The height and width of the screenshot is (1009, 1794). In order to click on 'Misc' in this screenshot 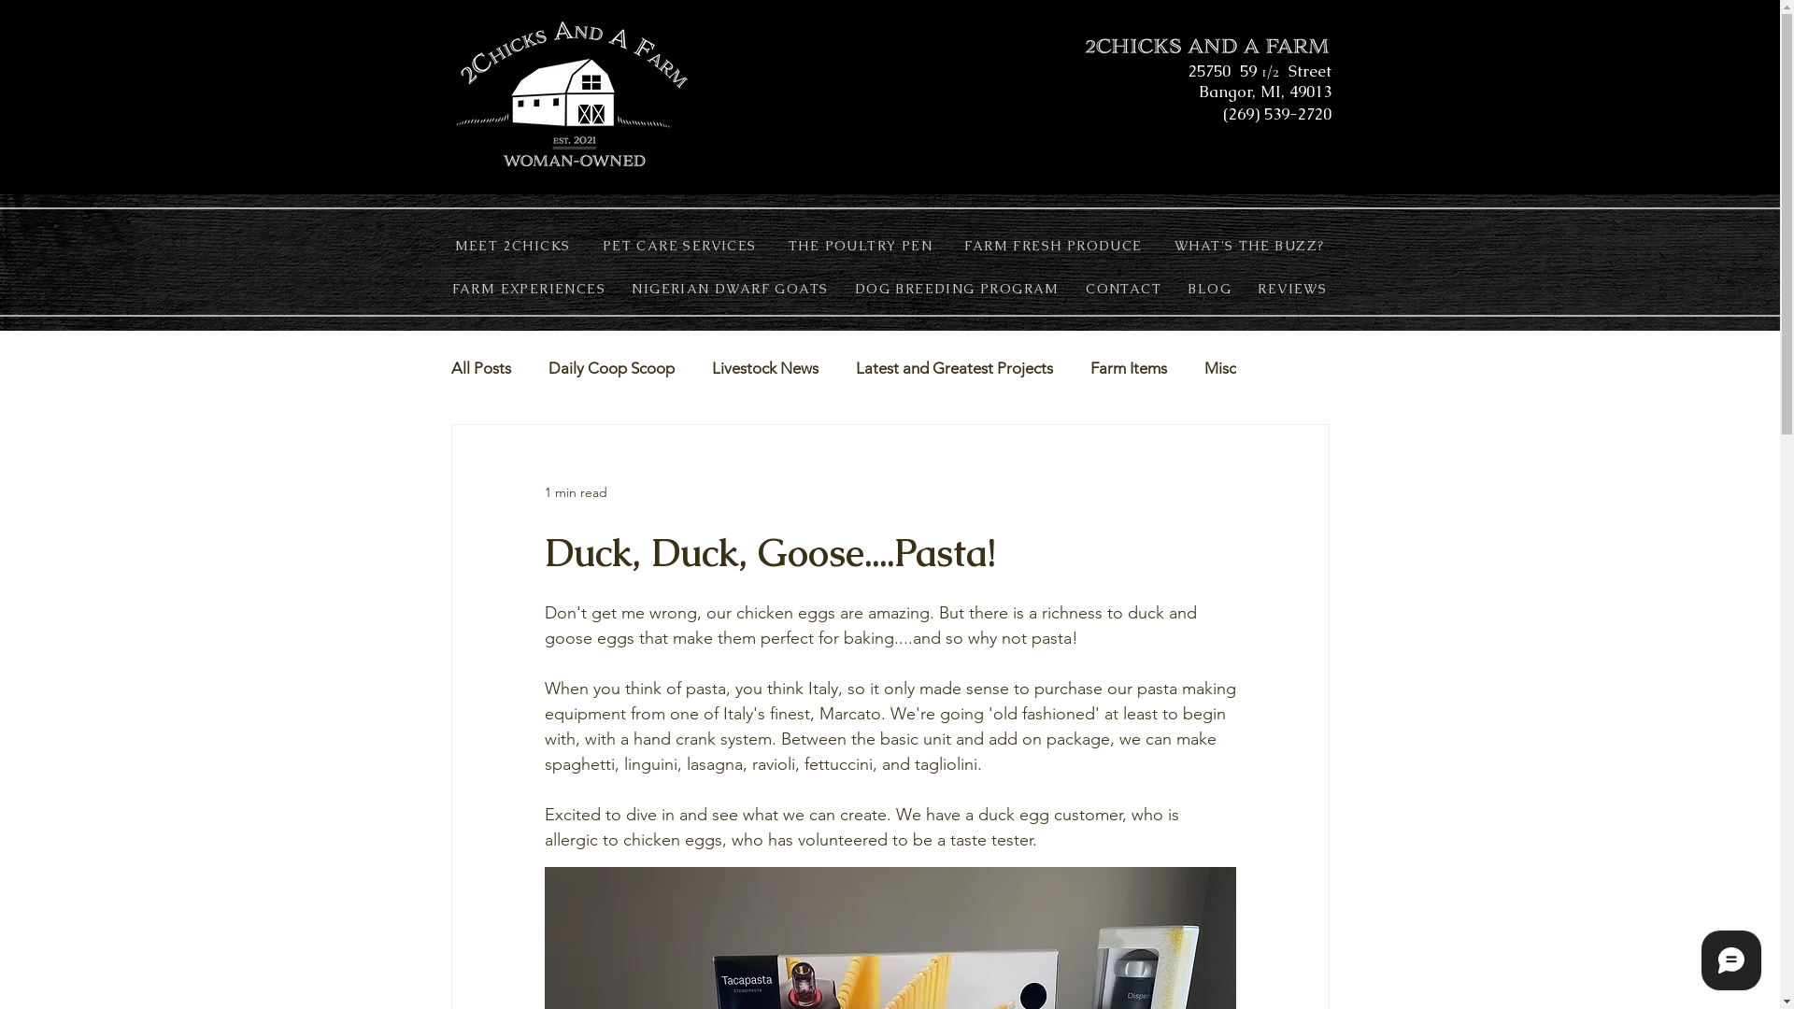, I will do `click(1203, 367)`.